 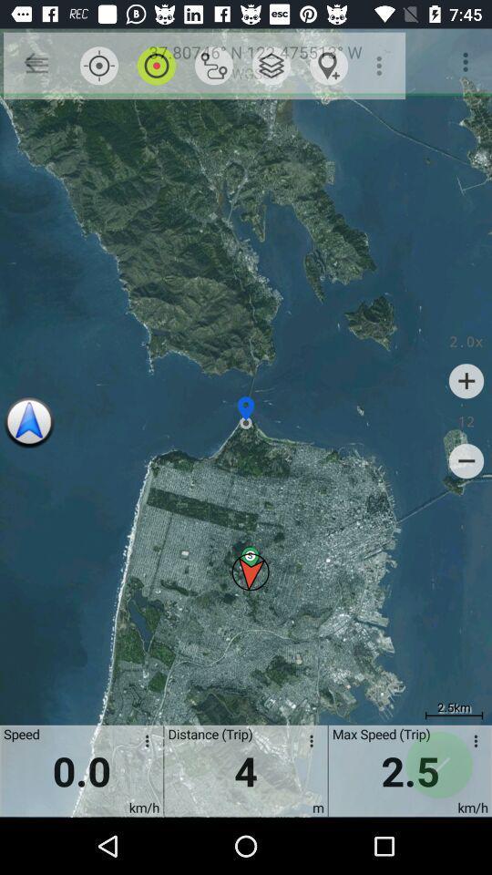 What do you see at coordinates (472, 744) in the screenshot?
I see `the more icon` at bounding box center [472, 744].